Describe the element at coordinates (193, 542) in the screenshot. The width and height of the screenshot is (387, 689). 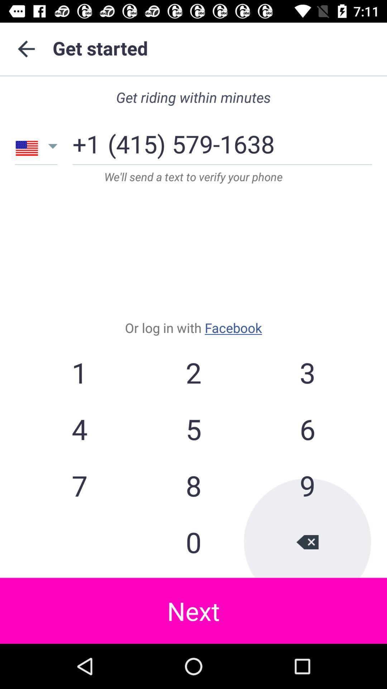
I see `icon next to 9 icon` at that location.